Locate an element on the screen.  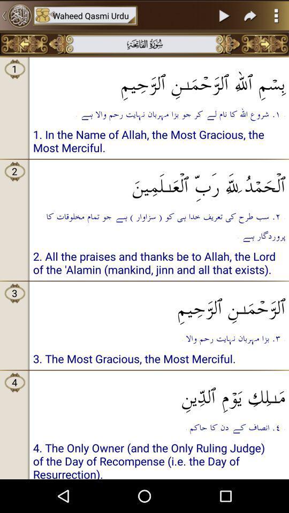
back is located at coordinates (24, 44).